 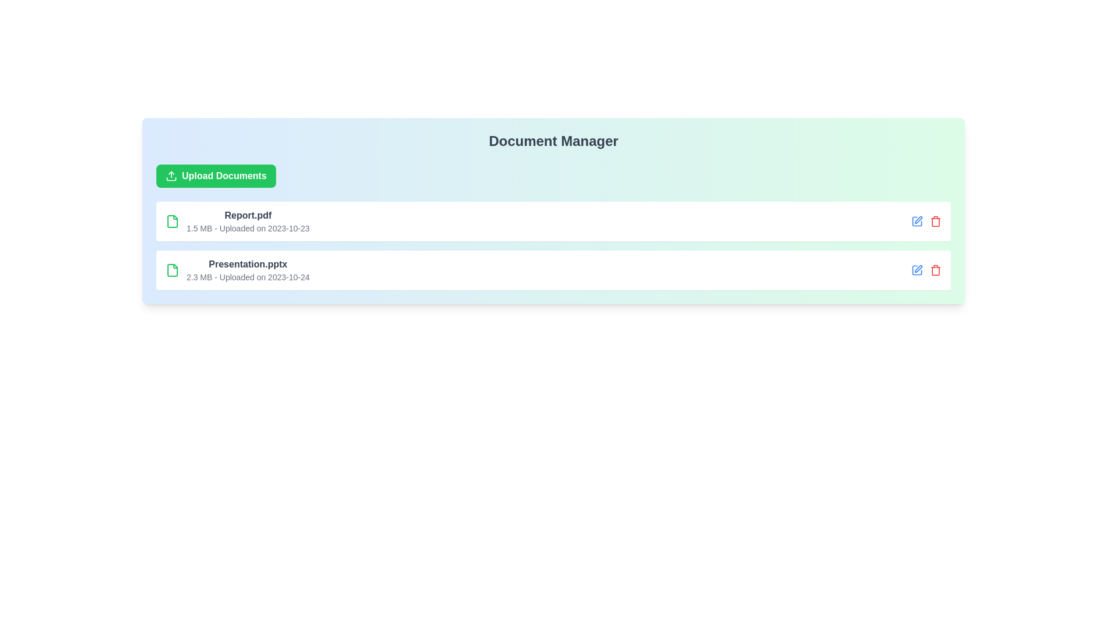 I want to click on the Text label that provides metadata about the file 'Report.pdf', which displays its size and upload date, located below the file name in the first document entry of the vertical list, so click(x=247, y=229).